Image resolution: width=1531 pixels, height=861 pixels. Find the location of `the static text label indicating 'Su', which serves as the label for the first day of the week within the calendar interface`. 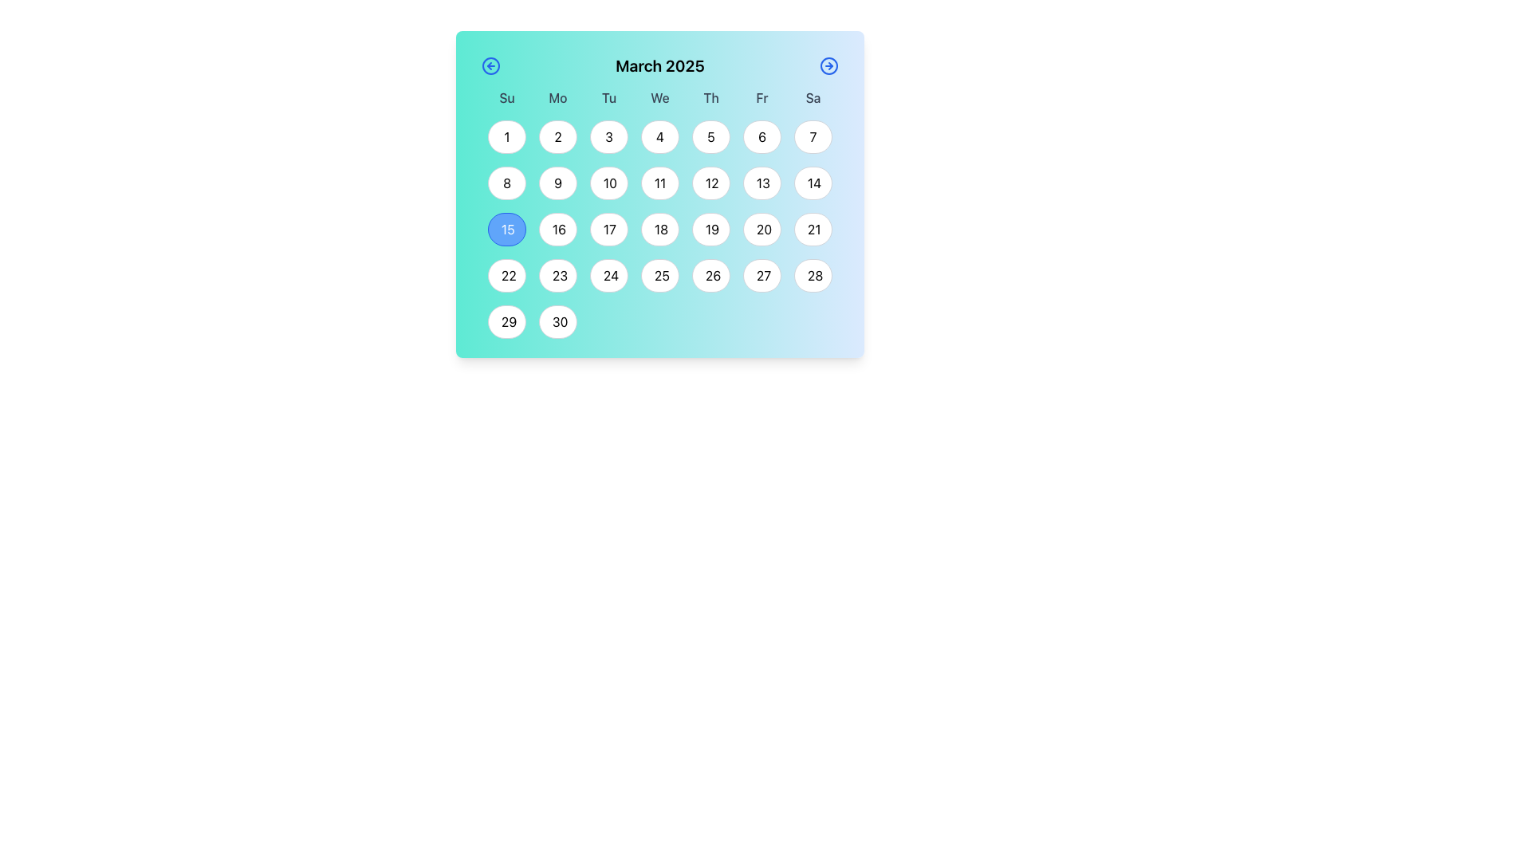

the static text label indicating 'Su', which serves as the label for the first day of the week within the calendar interface is located at coordinates (506, 98).